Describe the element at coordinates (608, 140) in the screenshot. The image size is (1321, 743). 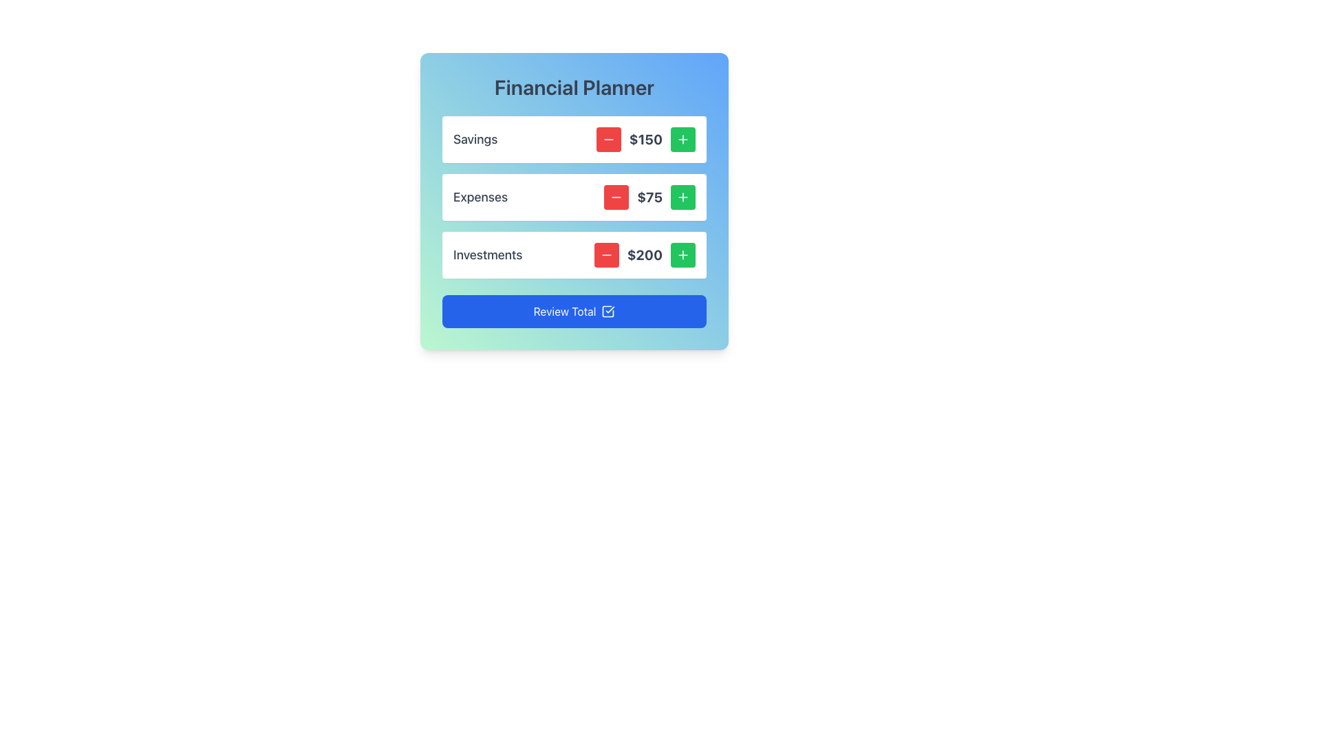
I see `the red button that decrements the 'Savings' value, located in the first row of the list` at that location.